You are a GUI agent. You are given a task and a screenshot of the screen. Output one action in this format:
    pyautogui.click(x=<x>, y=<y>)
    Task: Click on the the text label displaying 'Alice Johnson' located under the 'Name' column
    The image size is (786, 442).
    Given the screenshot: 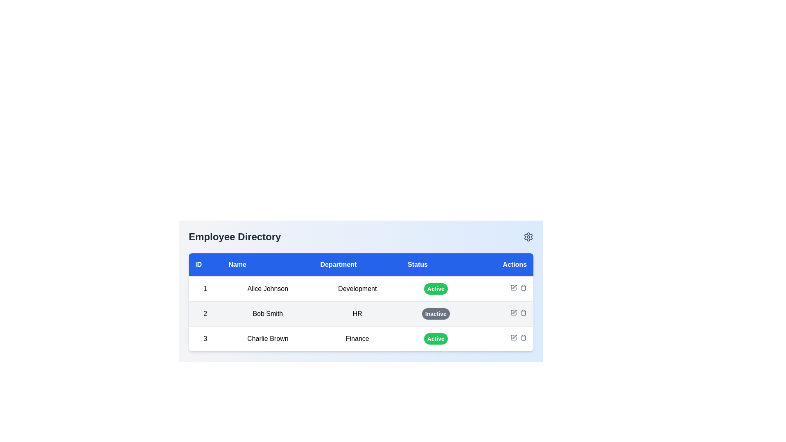 What is the action you would take?
    pyautogui.click(x=268, y=288)
    